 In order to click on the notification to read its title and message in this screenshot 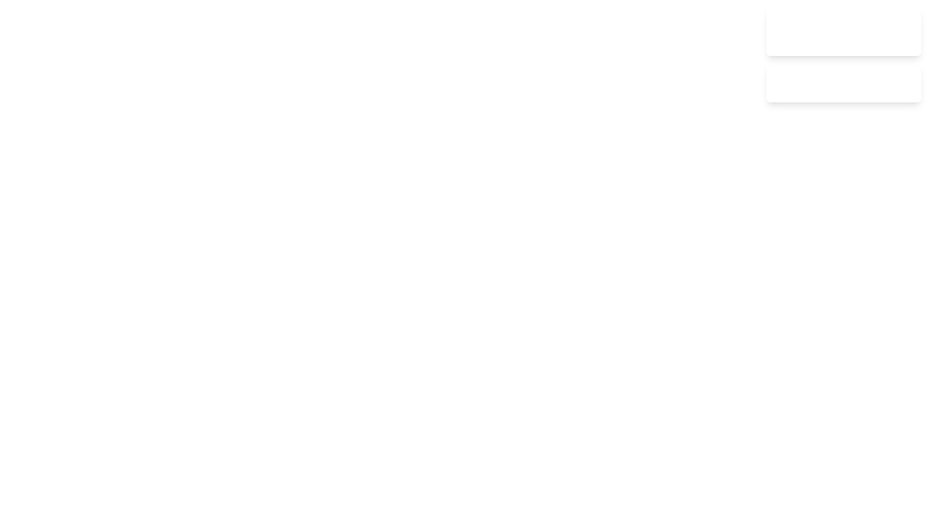, I will do `click(843, 31)`.